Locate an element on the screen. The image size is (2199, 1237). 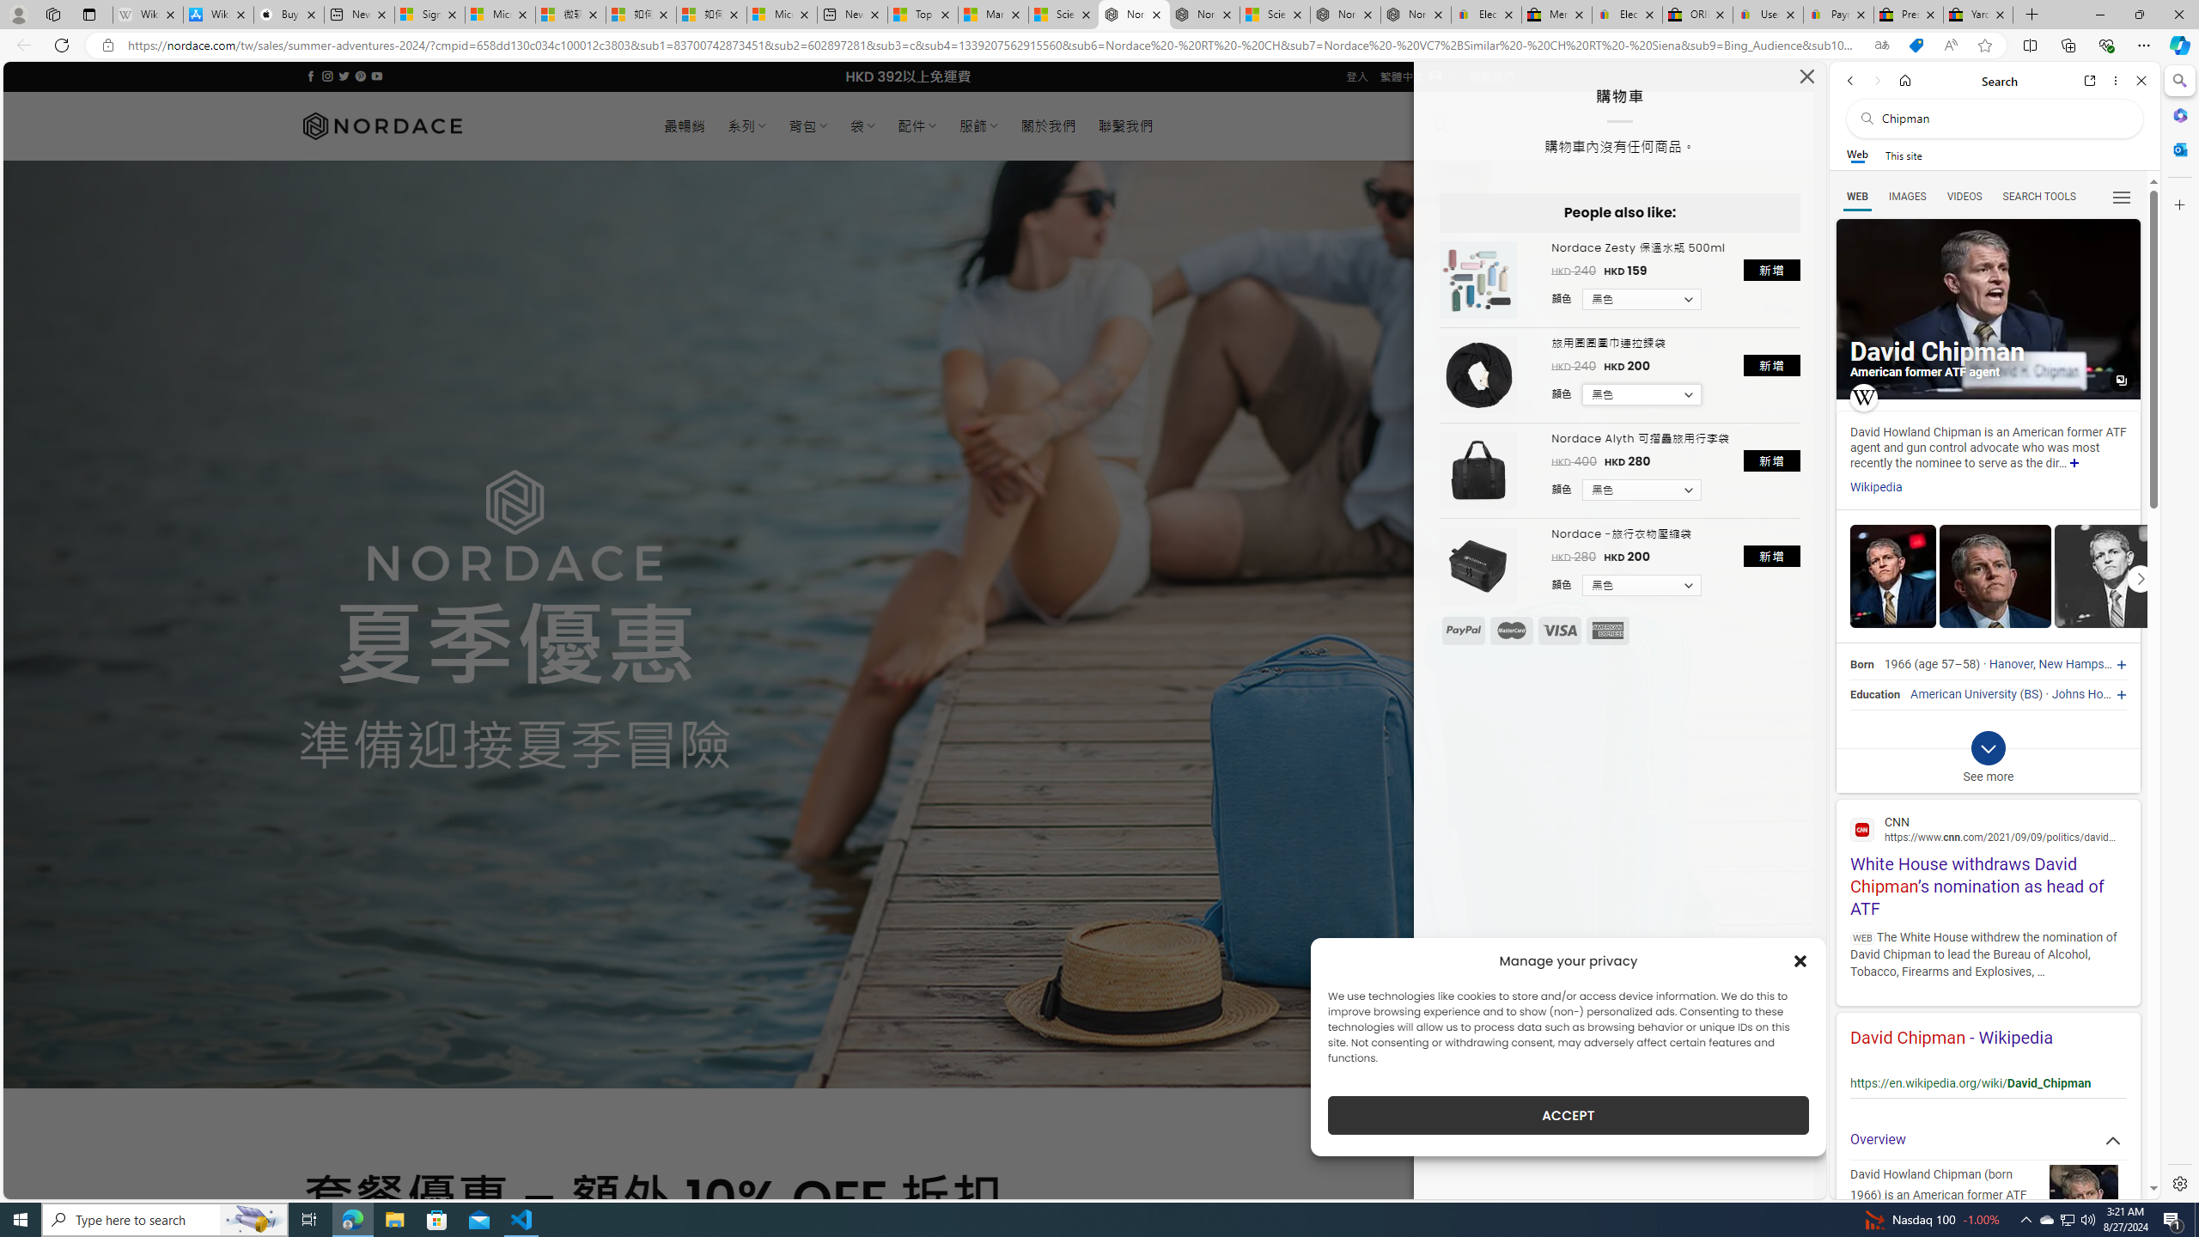
'Workspaces' is located at coordinates (52, 14).